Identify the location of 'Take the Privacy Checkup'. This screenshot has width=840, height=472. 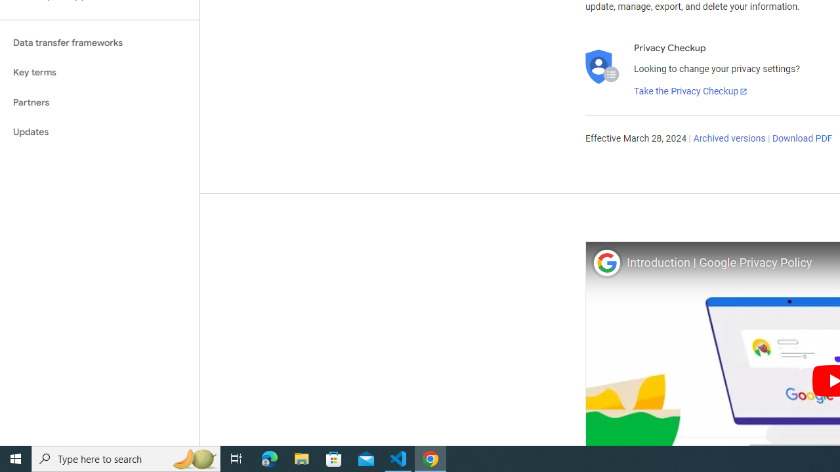
(690, 91).